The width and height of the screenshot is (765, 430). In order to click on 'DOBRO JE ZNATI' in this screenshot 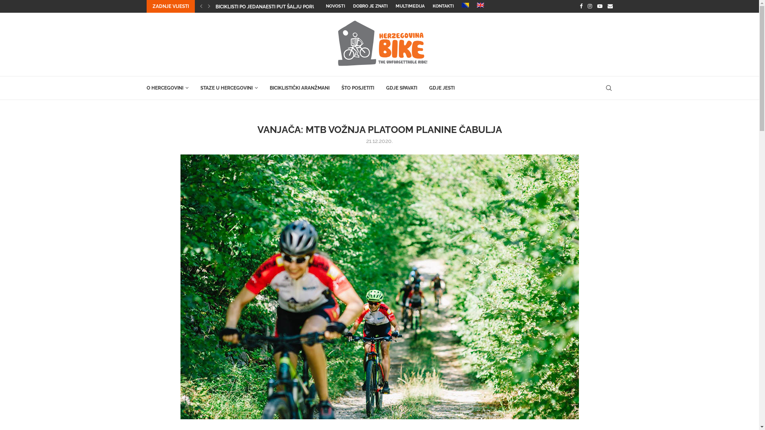, I will do `click(370, 6)`.